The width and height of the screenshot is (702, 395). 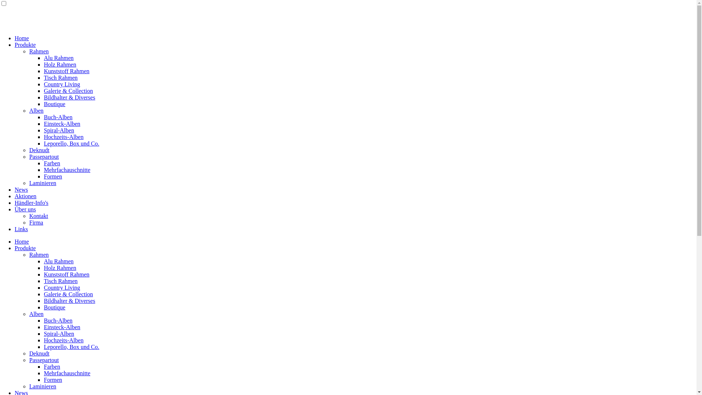 What do you see at coordinates (44, 327) in the screenshot?
I see `'Einsteck-Alben'` at bounding box center [44, 327].